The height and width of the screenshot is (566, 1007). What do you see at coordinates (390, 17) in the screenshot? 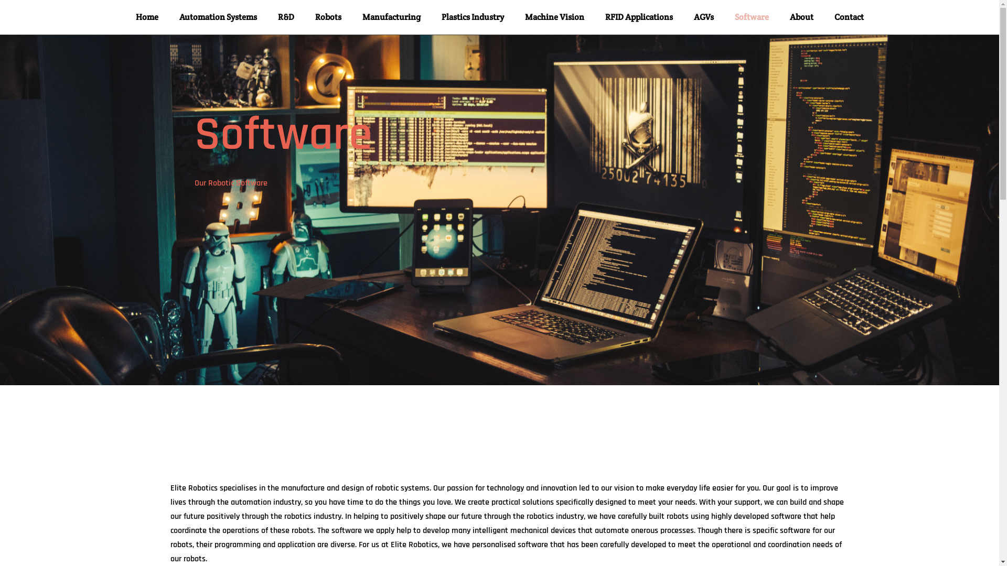
I see `'Manufacturing'` at bounding box center [390, 17].